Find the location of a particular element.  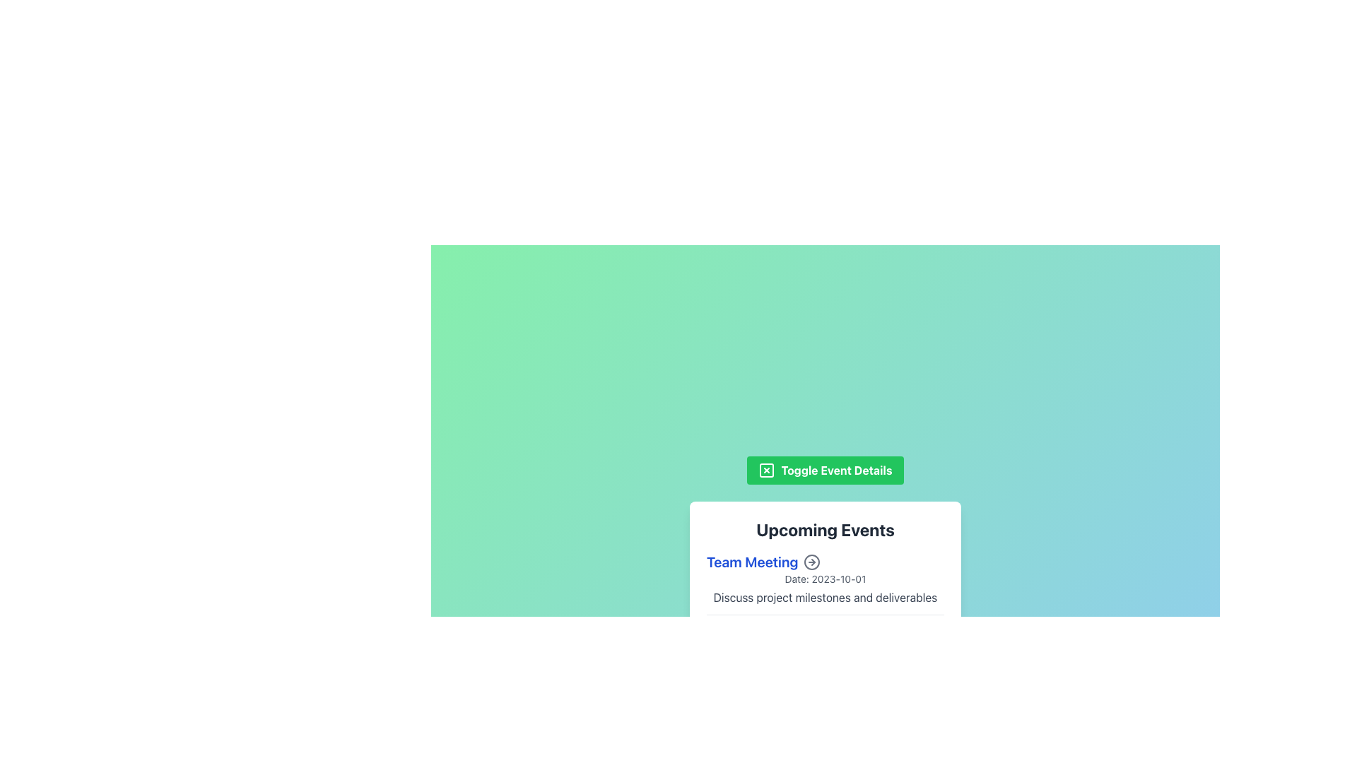

the decorative SVG shape located at the center of the 'Toggle Event Details' button is located at coordinates (766, 470).